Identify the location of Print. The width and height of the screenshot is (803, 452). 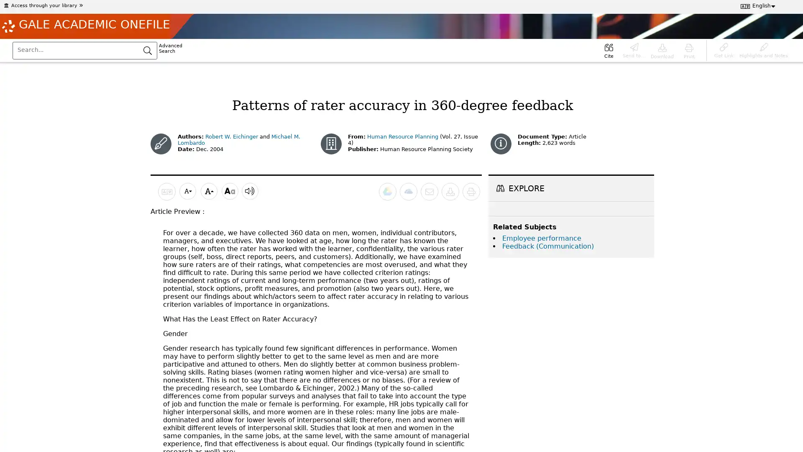
(471, 192).